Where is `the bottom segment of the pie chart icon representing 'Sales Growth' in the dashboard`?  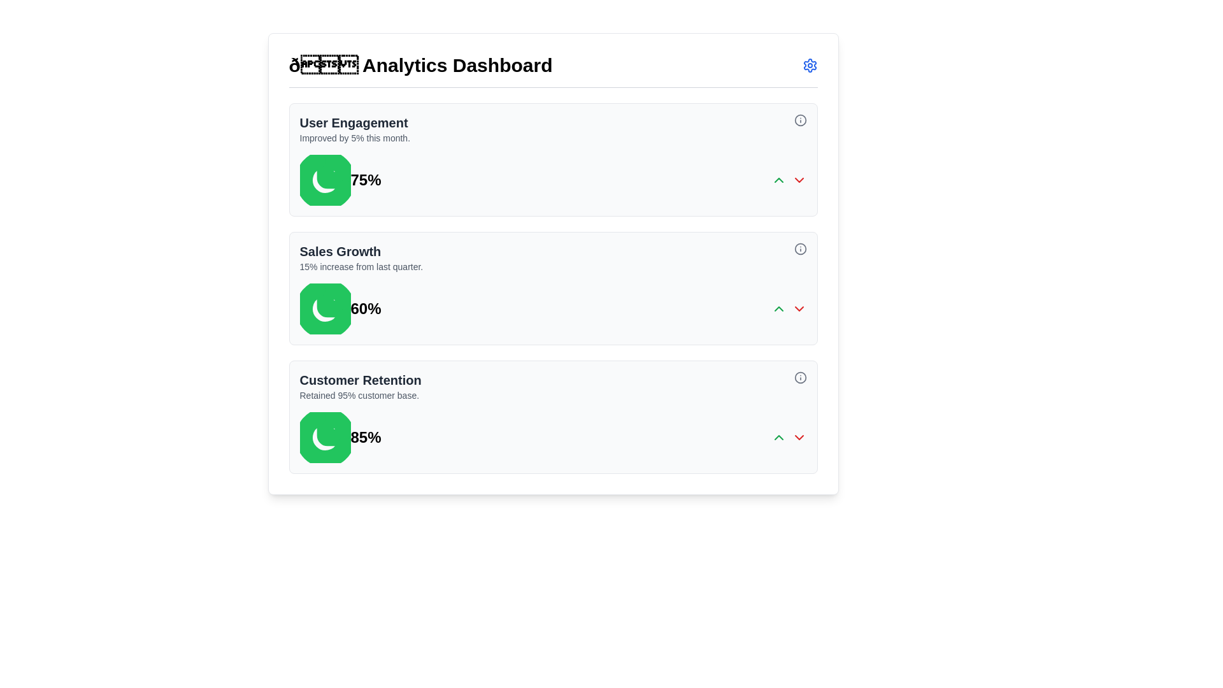
the bottom segment of the pie chart icon representing 'Sales Growth' in the dashboard is located at coordinates (324, 310).